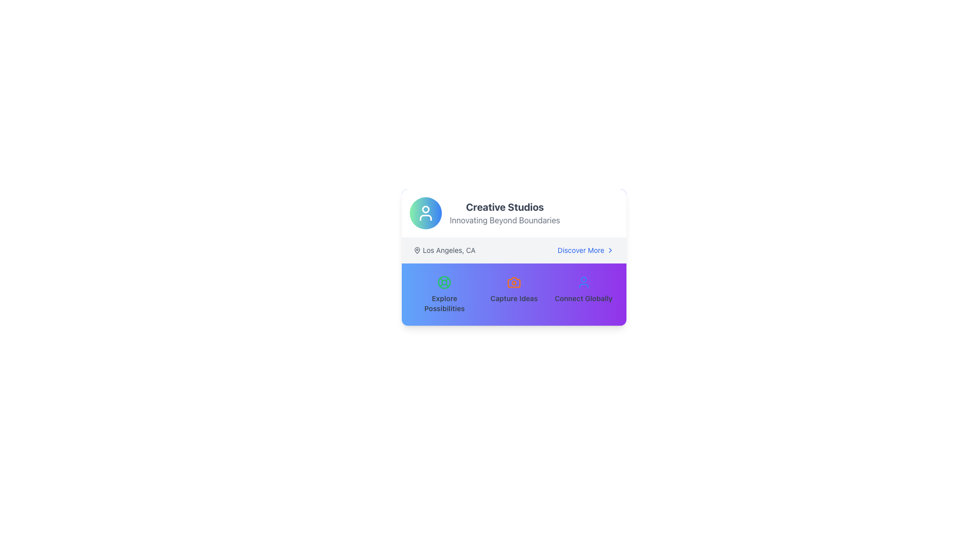  I want to click on heading text 'Creative Studios' displayed prominently at the top-center of the card interface, so click(505, 206).